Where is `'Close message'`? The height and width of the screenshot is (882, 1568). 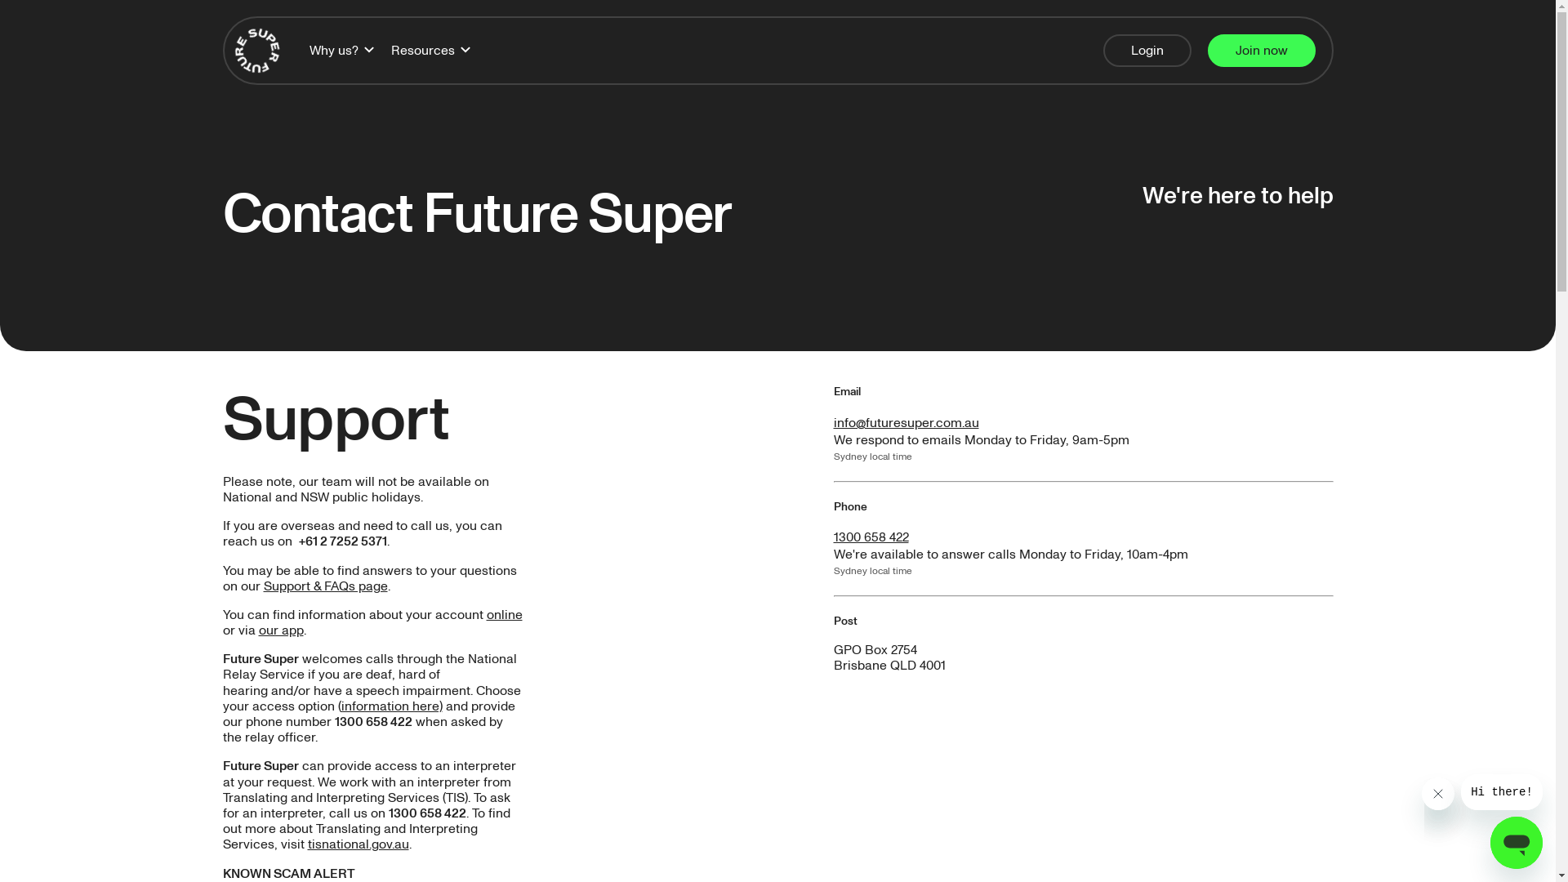
'Close message' is located at coordinates (1421, 793).